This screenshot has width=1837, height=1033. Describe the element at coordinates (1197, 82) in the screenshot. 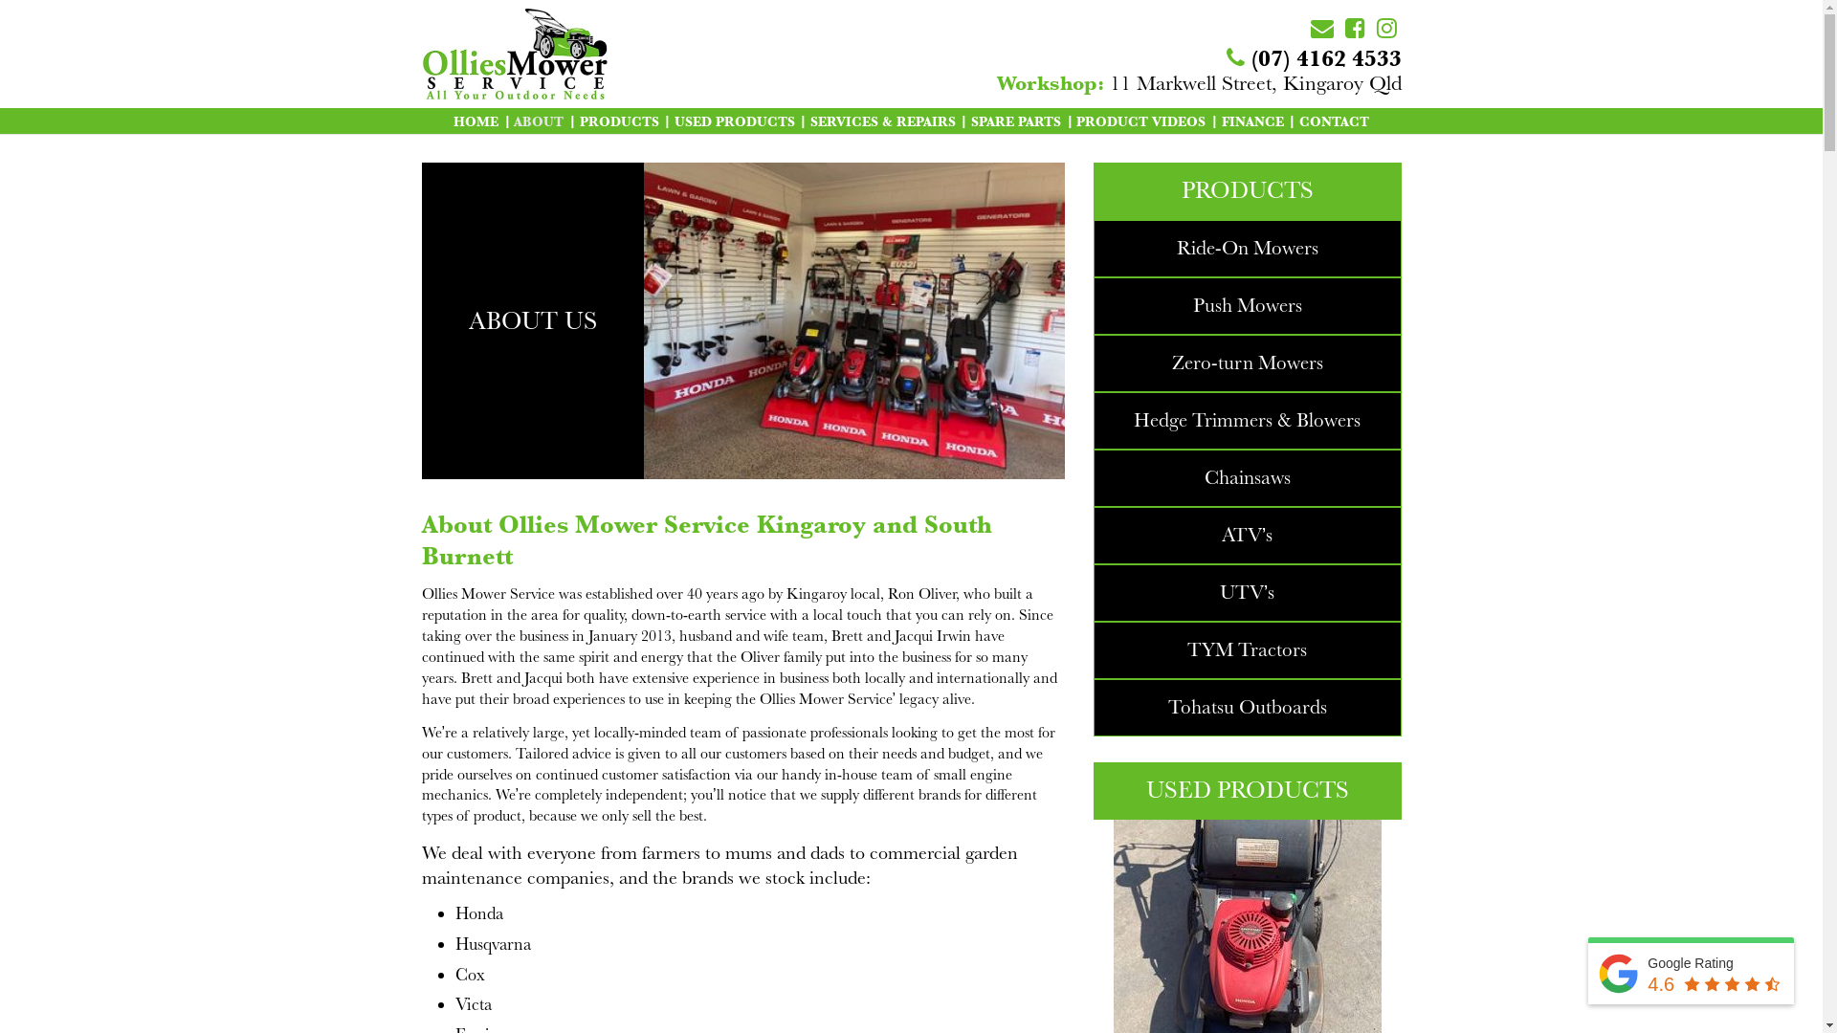

I see `'11 Markwell Street, Kingaroy Qld'` at that location.